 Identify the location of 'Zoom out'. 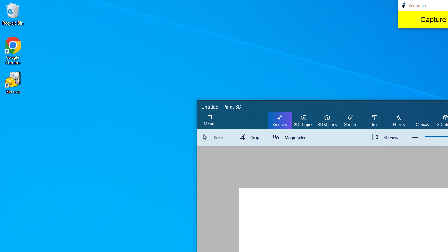
(415, 137).